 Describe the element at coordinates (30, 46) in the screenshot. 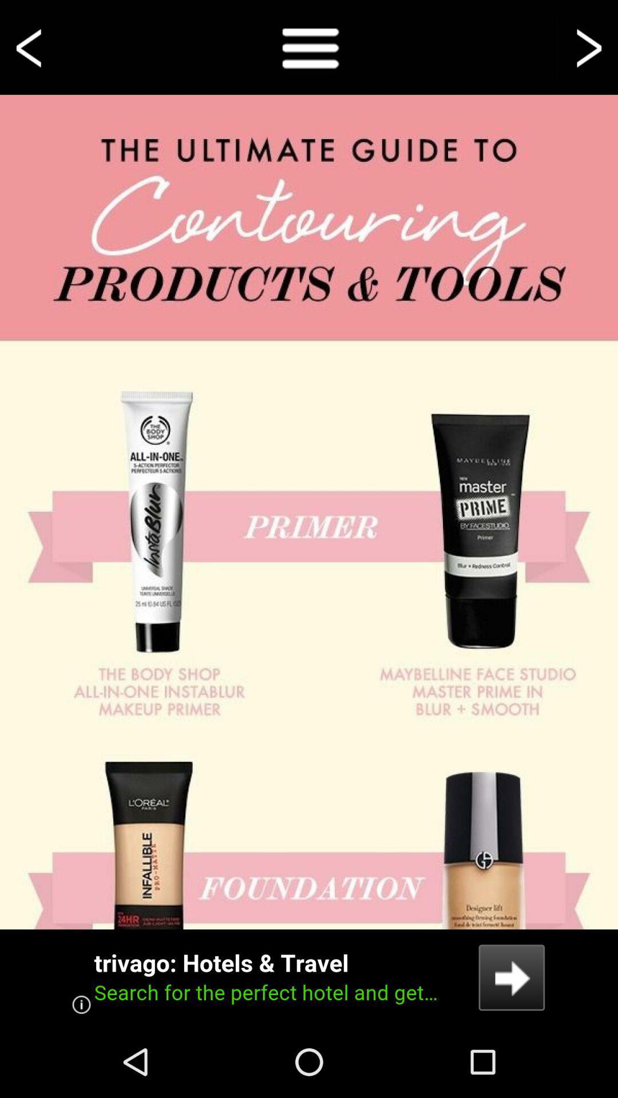

I see `return to the previous screen` at that location.